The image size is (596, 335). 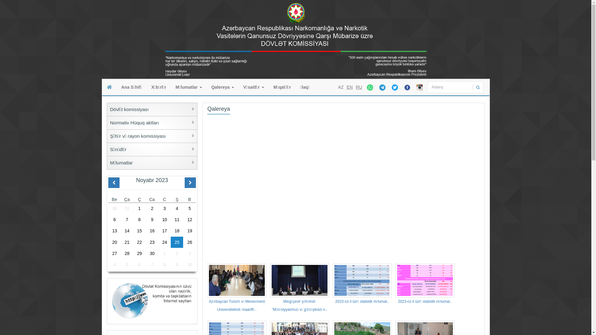 I want to click on '21', so click(x=120, y=242).